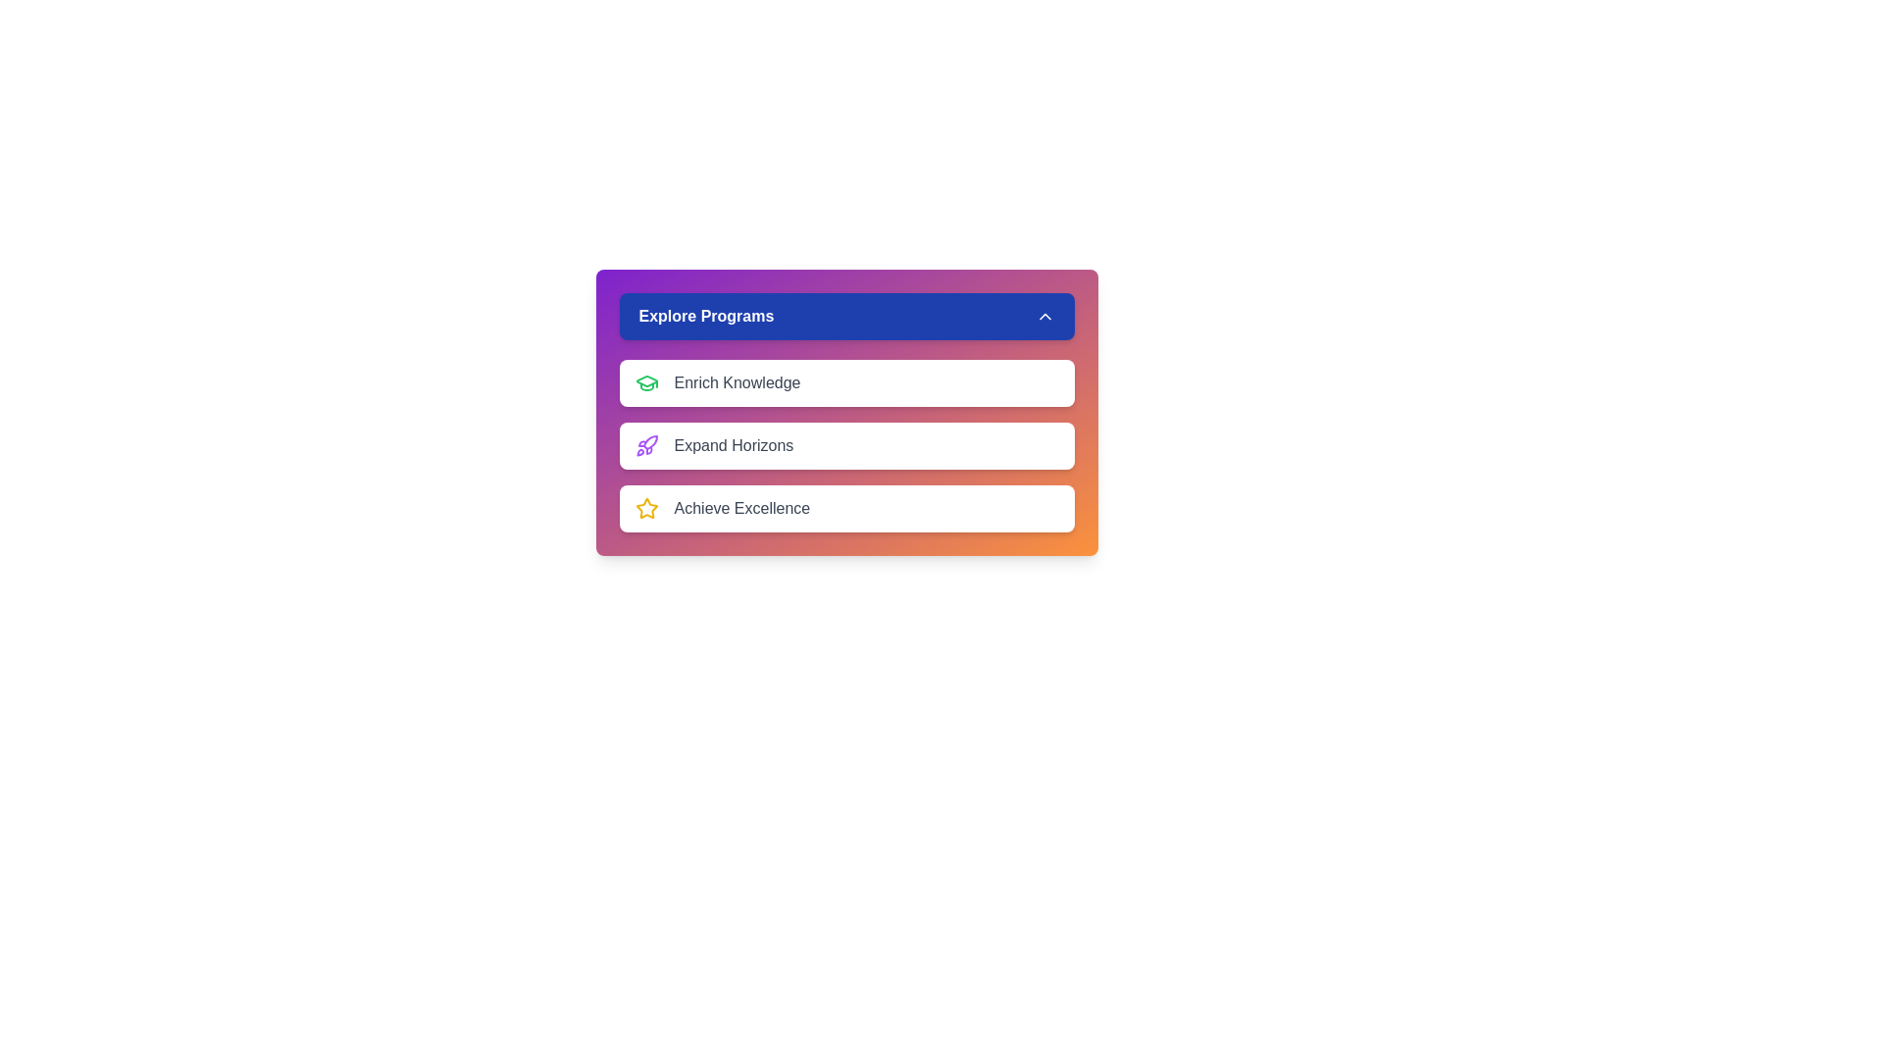 The width and height of the screenshot is (1883, 1059). What do you see at coordinates (1043, 316) in the screenshot?
I see `the chevron arrow icon located in the top-right corner of the 'Explore Programs' header bar` at bounding box center [1043, 316].